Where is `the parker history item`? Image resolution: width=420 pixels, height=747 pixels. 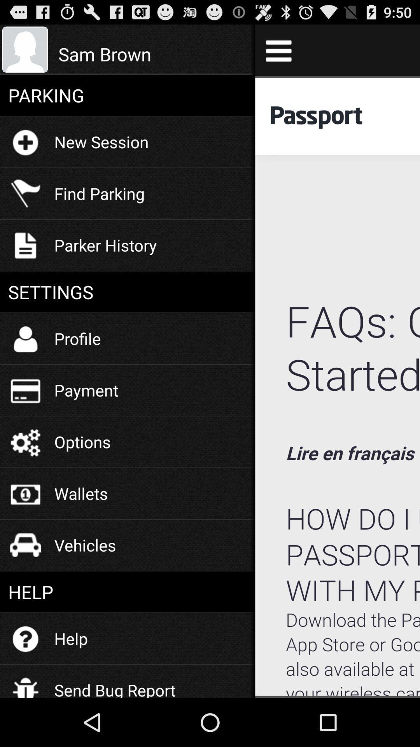 the parker history item is located at coordinates (105, 244).